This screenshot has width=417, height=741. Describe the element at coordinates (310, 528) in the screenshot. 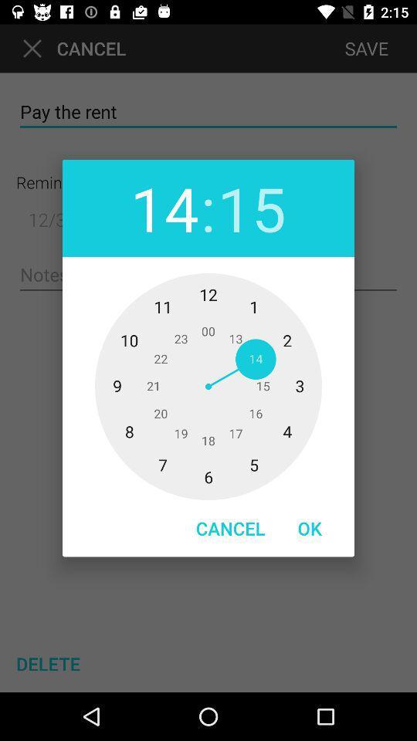

I see `the ok item` at that location.